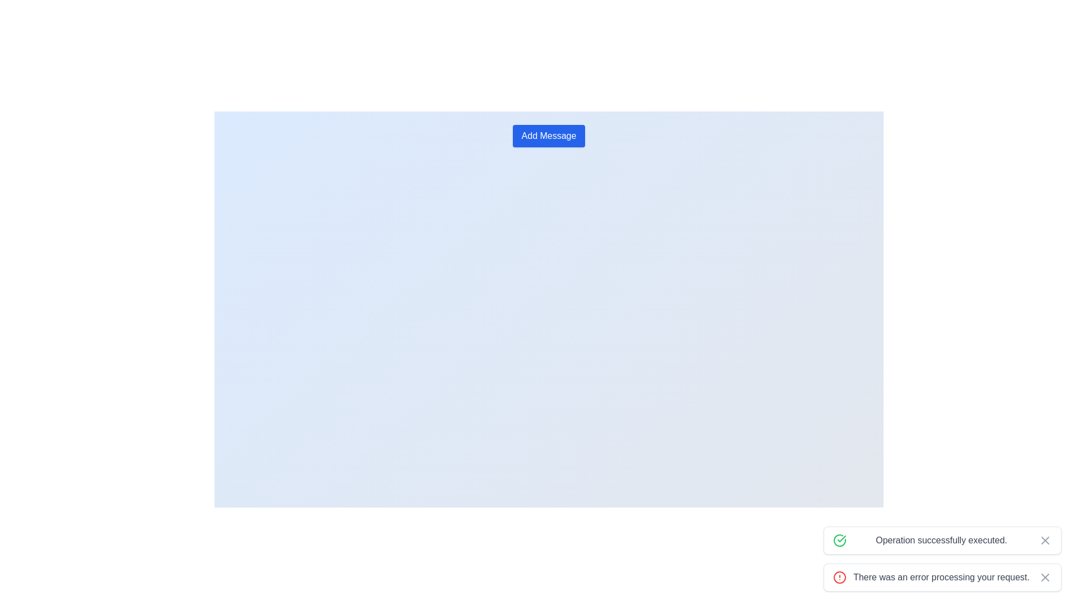  I want to click on the small button with a gray stroked 'x' icon located on the far right side of the notification bar, so click(1045, 539).